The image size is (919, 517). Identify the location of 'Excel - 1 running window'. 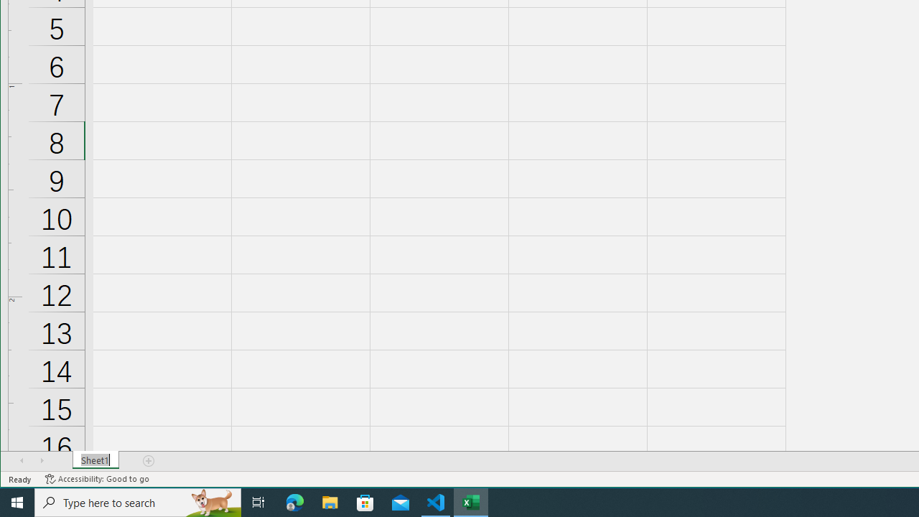
(471, 501).